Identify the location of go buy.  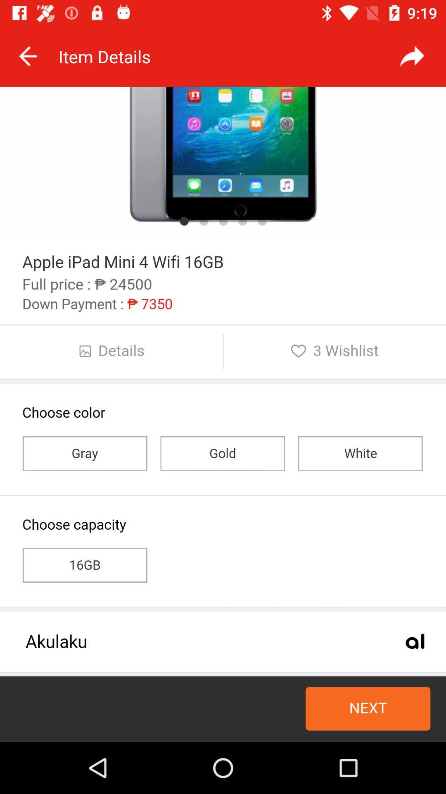
(223, 414).